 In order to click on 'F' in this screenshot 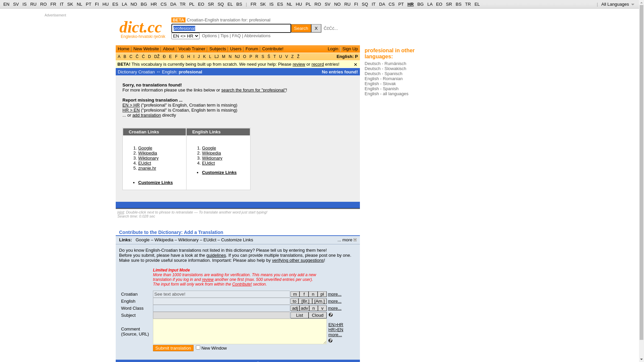, I will do `click(174, 56)`.